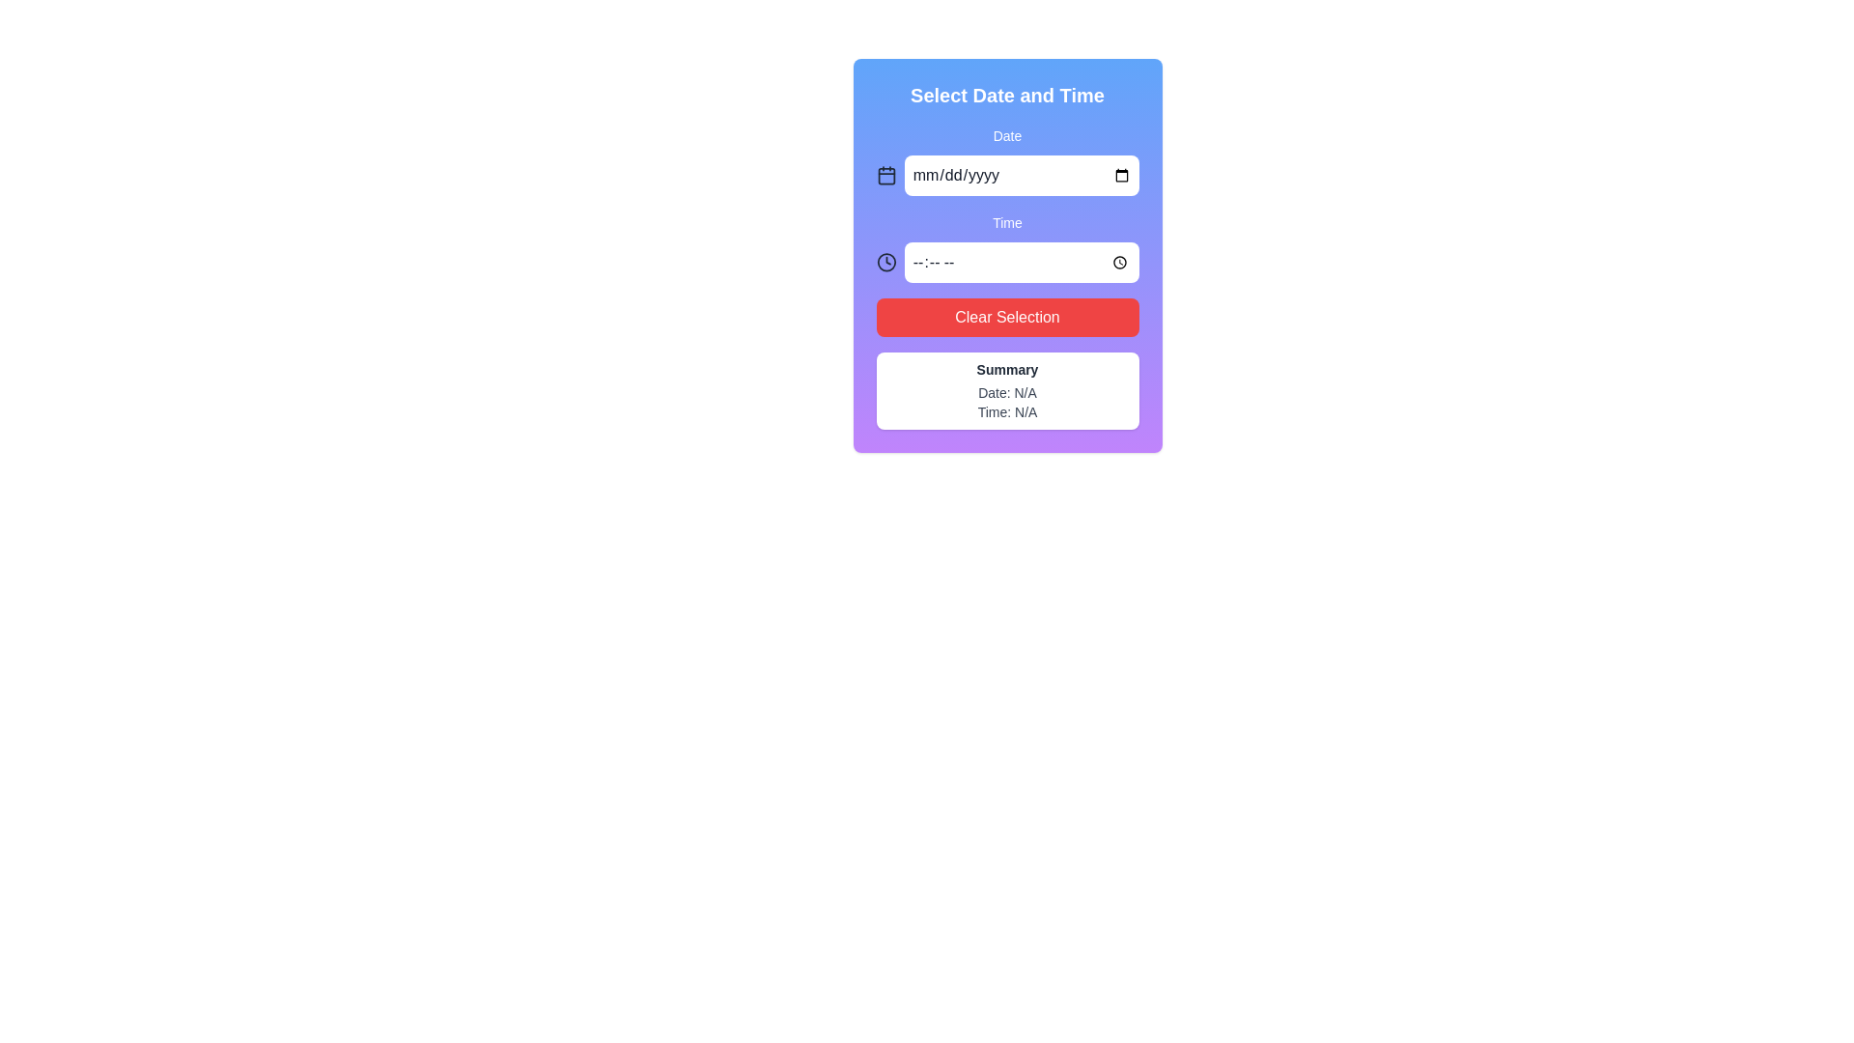 The height and width of the screenshot is (1043, 1854). What do you see at coordinates (885, 263) in the screenshot?
I see `the small clock-shaped icon with a circular outline, located to the left of the time input field in the 'Time' line of the form panel` at bounding box center [885, 263].